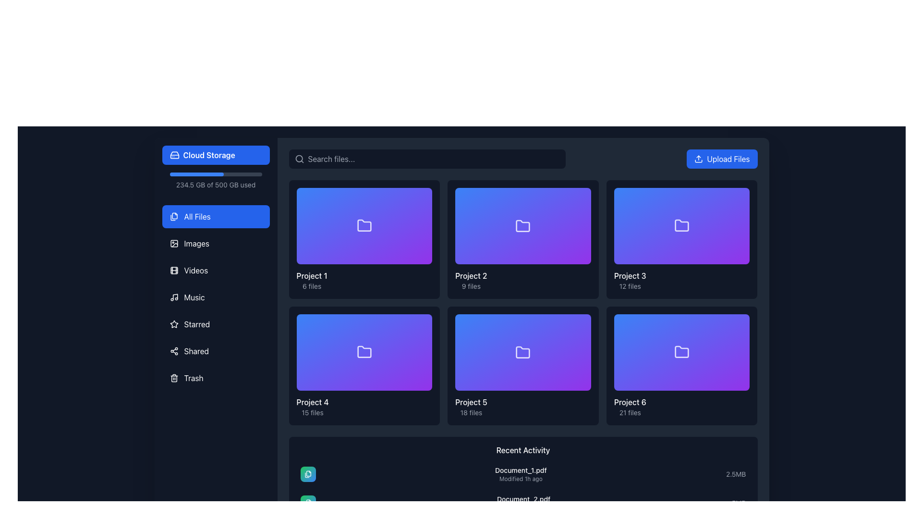 Image resolution: width=922 pixels, height=519 pixels. I want to click on the progress bar that visually represents used versus available storage space, located below the 'Cloud Storage' title and above the '234.5 GB of 500 GB used' text, so click(215, 174).